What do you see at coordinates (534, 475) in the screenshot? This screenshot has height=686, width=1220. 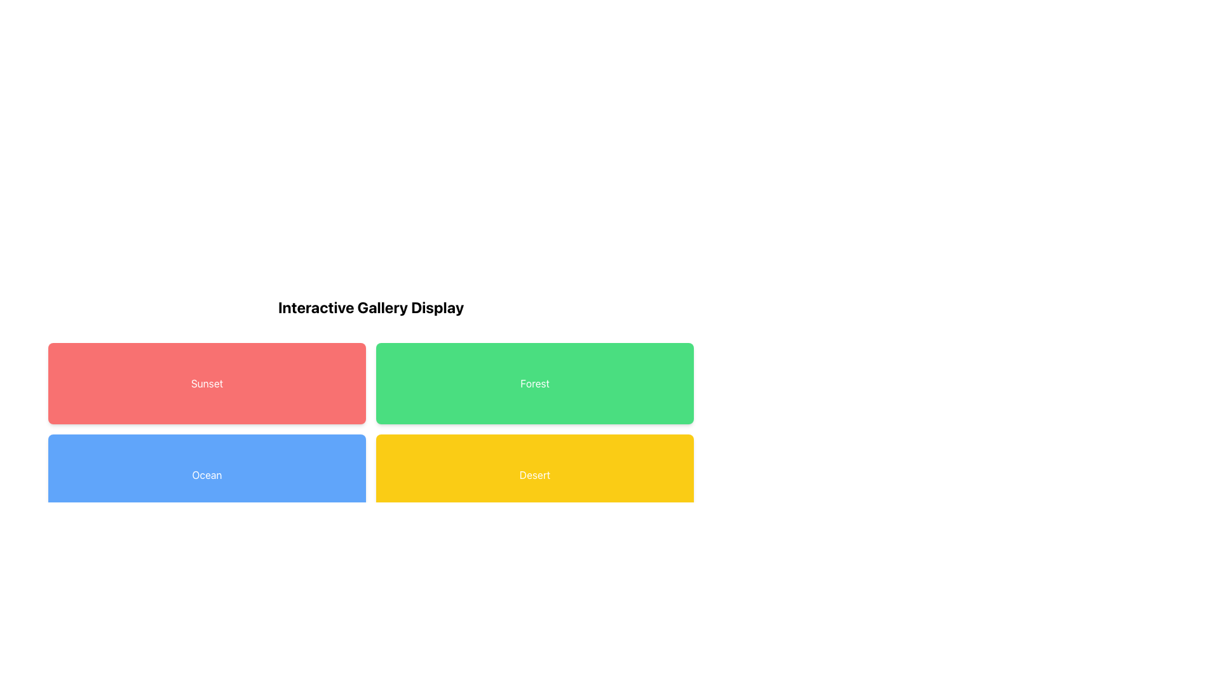 I see `the button labeled 'Desert' with a bright yellow background and white text, located in the bottom-right position of the grid under 'Interactive Gallery Display'` at bounding box center [534, 475].